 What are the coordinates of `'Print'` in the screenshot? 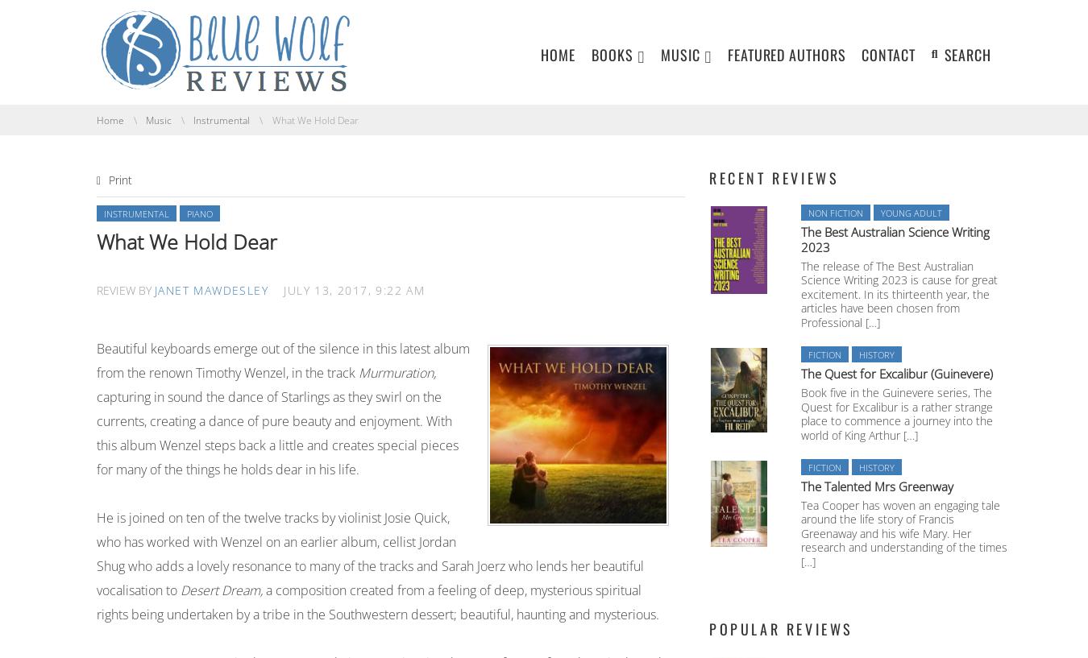 It's located at (109, 178).